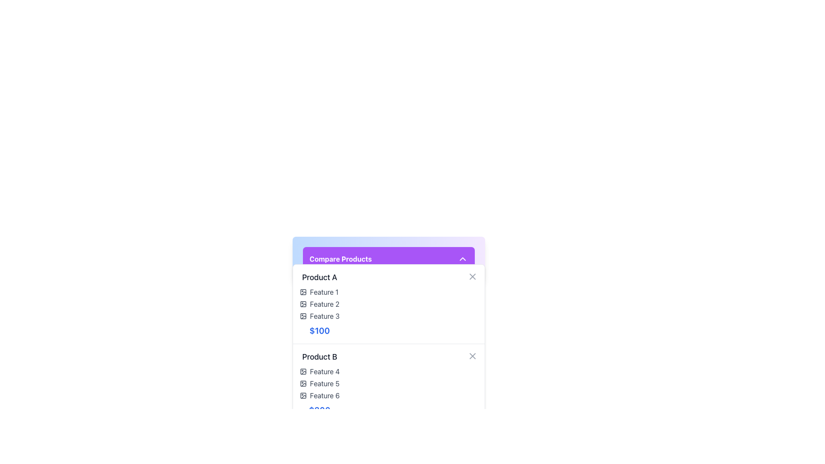 This screenshot has width=825, height=464. Describe the element at coordinates (319, 291) in the screenshot. I see `label of the Labeled Icon that consists of a picture frame icon and the text 'Feature 1', located under the header 'Product A'` at that location.